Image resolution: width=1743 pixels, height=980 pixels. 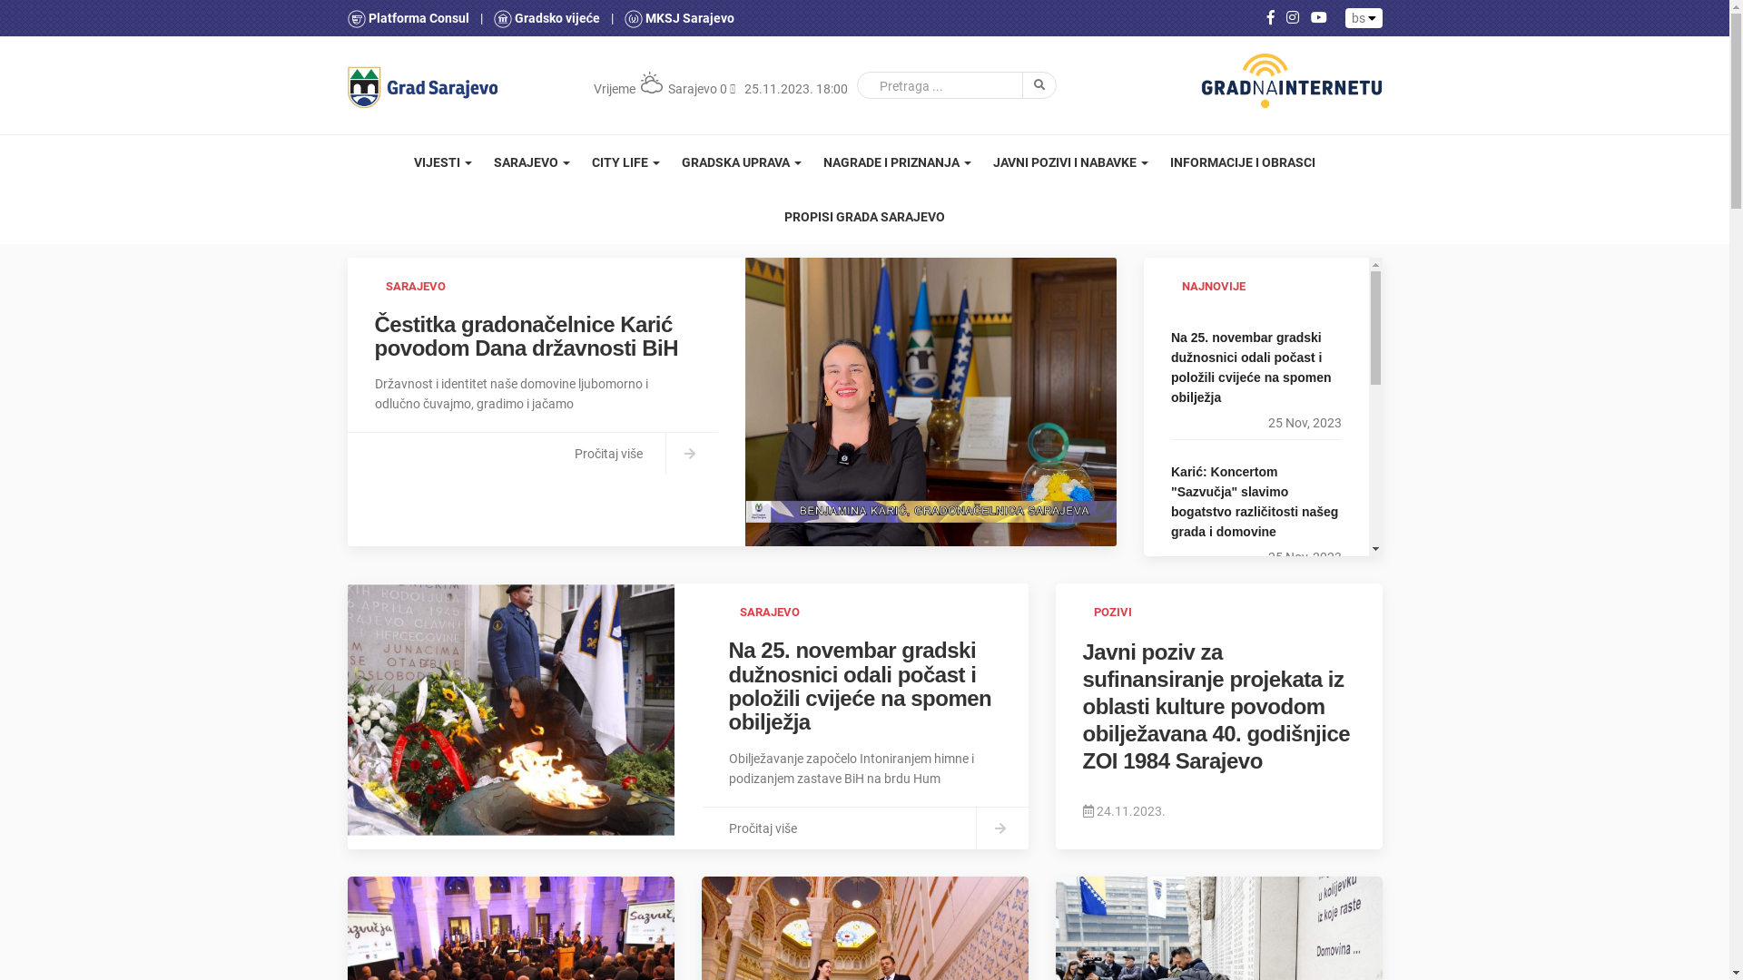 What do you see at coordinates (443, 161) in the screenshot?
I see `'VIJESTI'` at bounding box center [443, 161].